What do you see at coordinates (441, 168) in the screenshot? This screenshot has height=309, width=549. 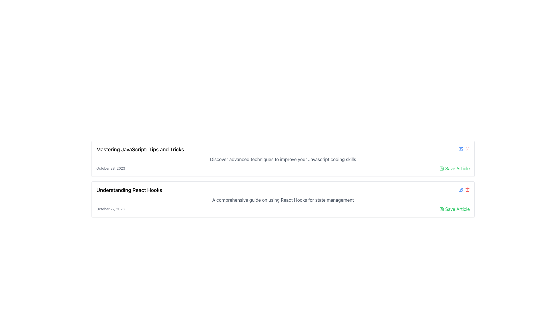 I see `the green save icon located to the right of the article title 'Mastering JavaScript: Tips and Tricks'` at bounding box center [441, 168].